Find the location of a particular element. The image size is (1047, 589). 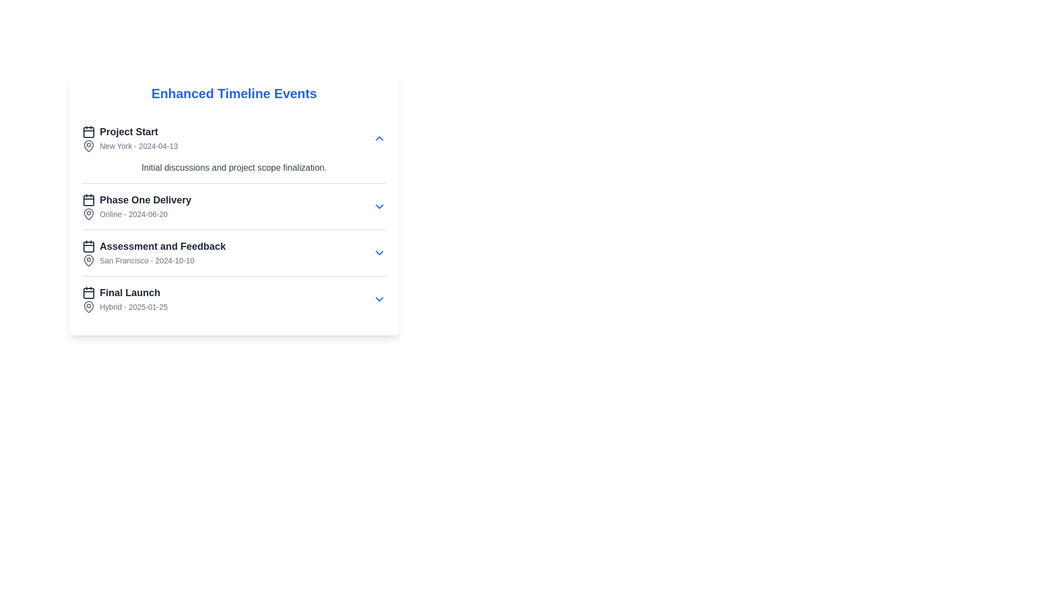

the pin-shaped icon, which is a minimalistic outline indicating a location, part of the 'Final Launch' item in the timeline interface, located near the text 'Hybrid - 2025-01-25' is located at coordinates (89, 306).